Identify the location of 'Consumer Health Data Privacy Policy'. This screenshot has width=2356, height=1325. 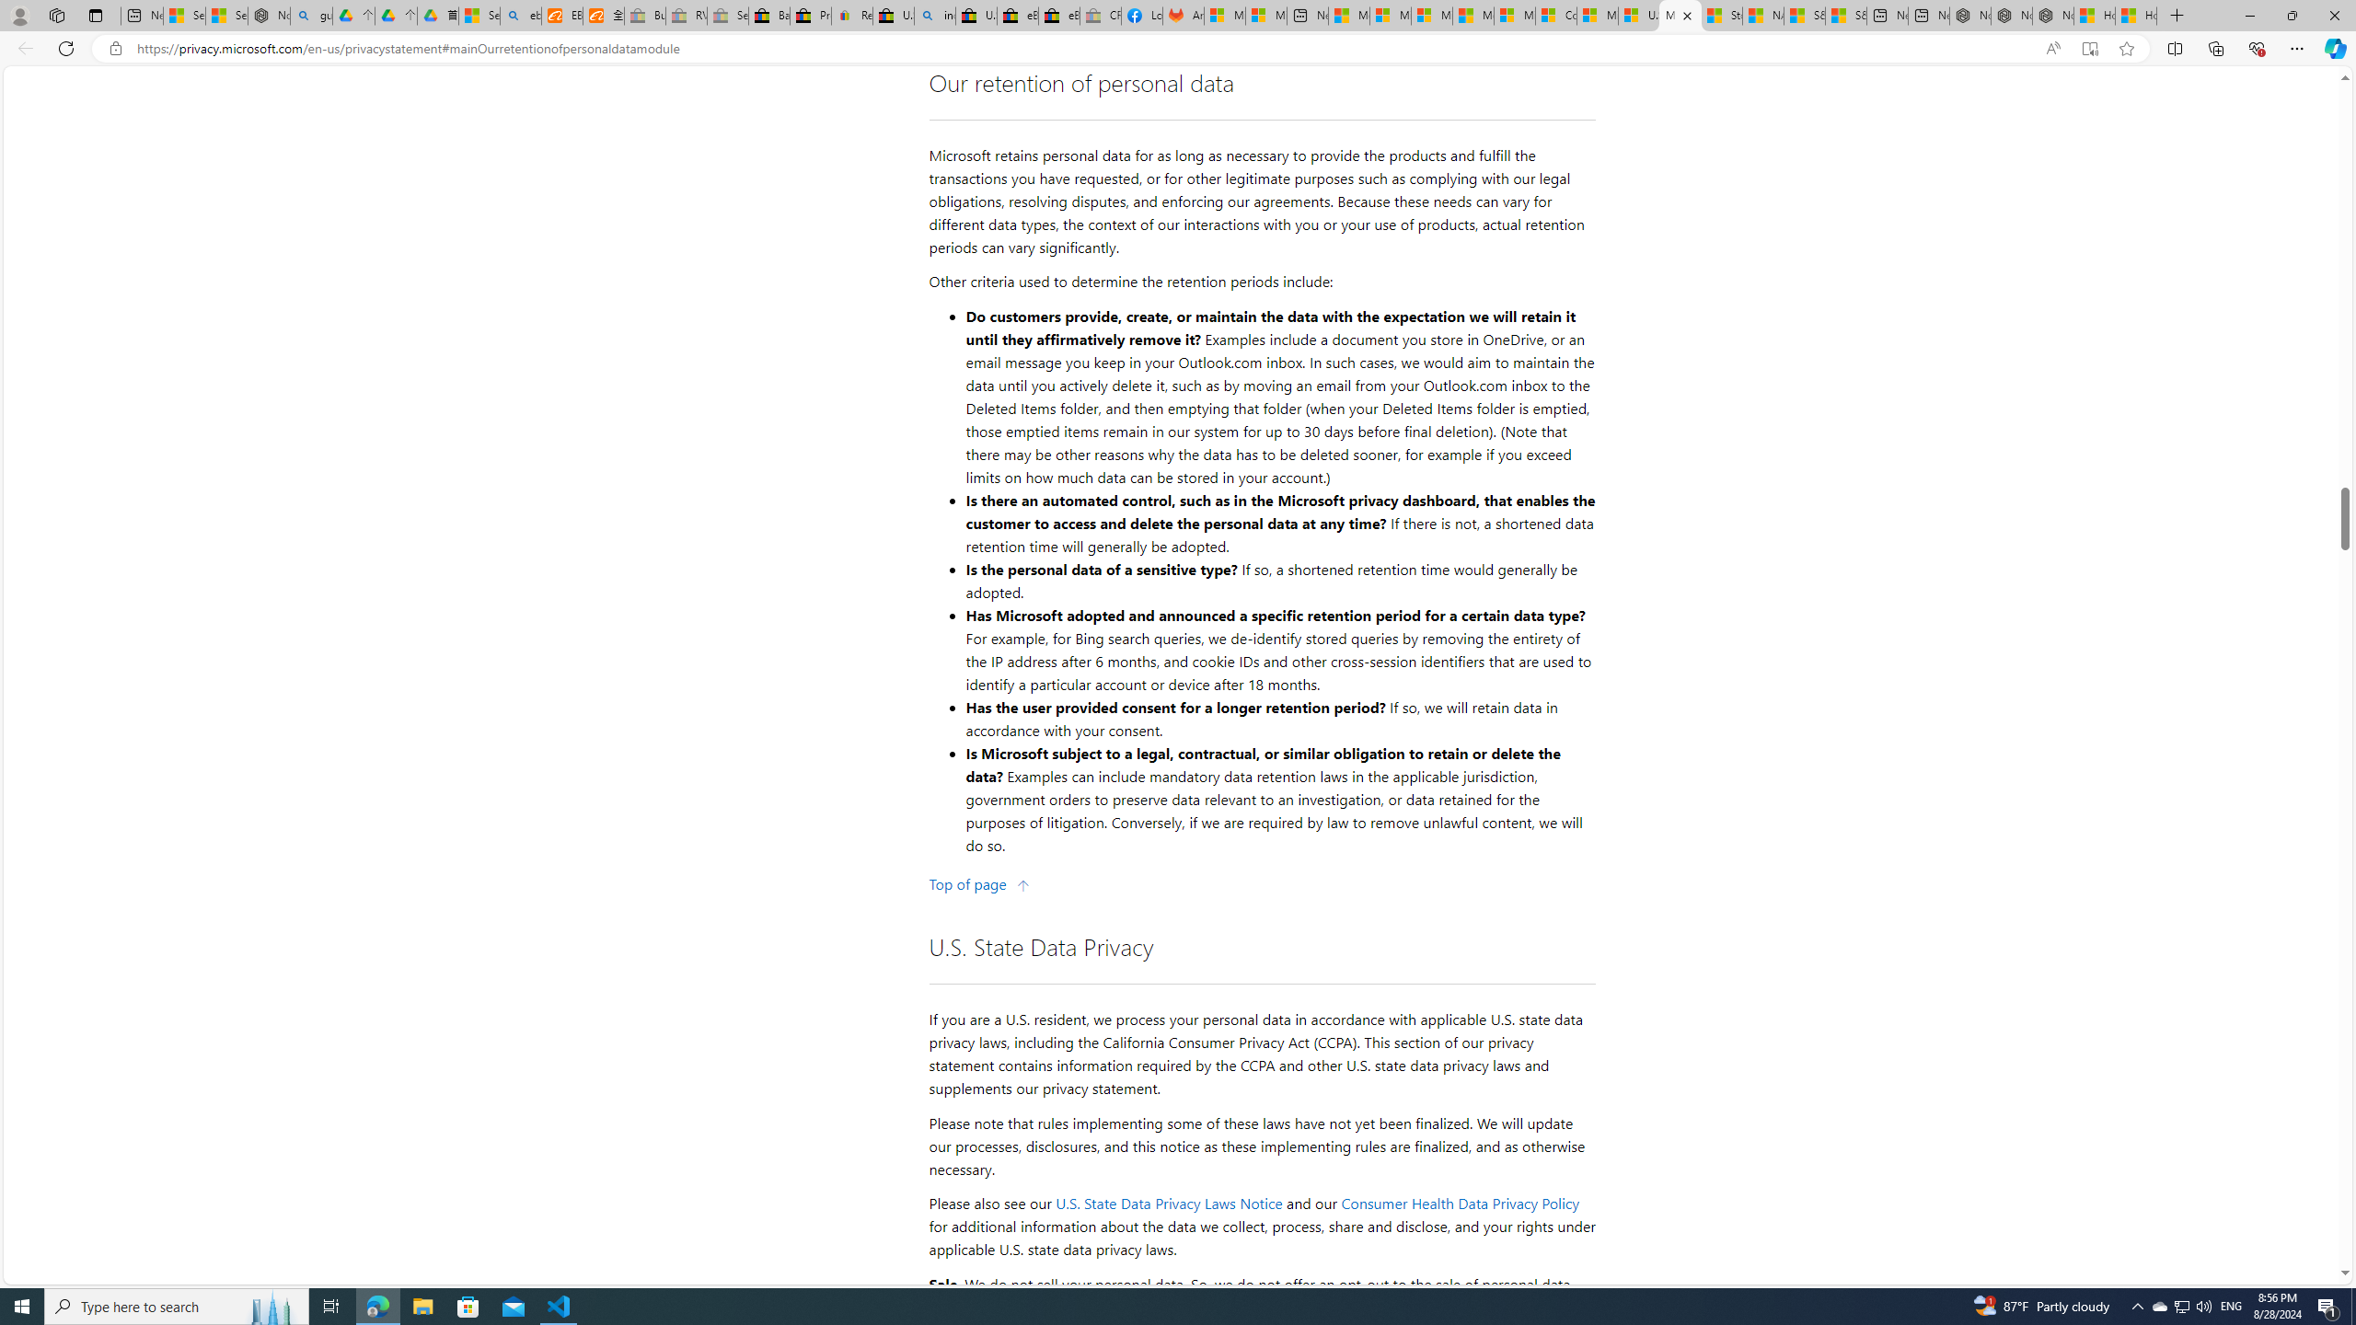
(1459, 1203).